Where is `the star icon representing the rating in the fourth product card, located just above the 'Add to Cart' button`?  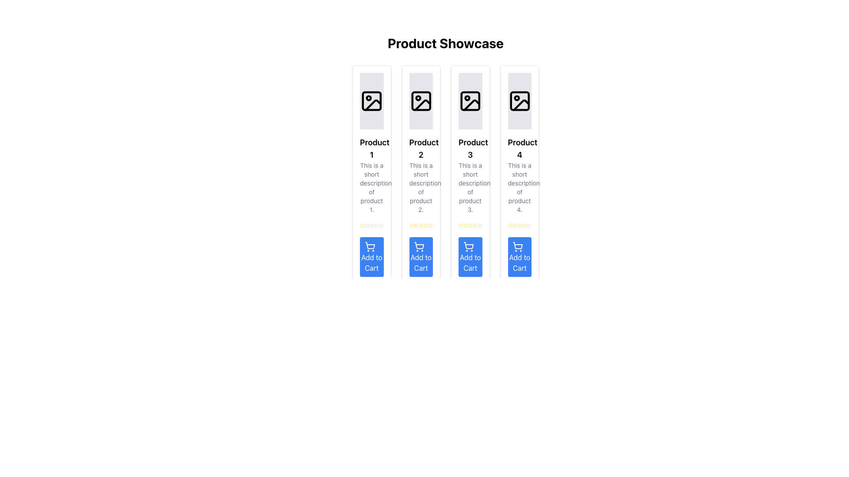 the star icon representing the rating in the fourth product card, located just above the 'Add to Cart' button is located at coordinates (510, 225).